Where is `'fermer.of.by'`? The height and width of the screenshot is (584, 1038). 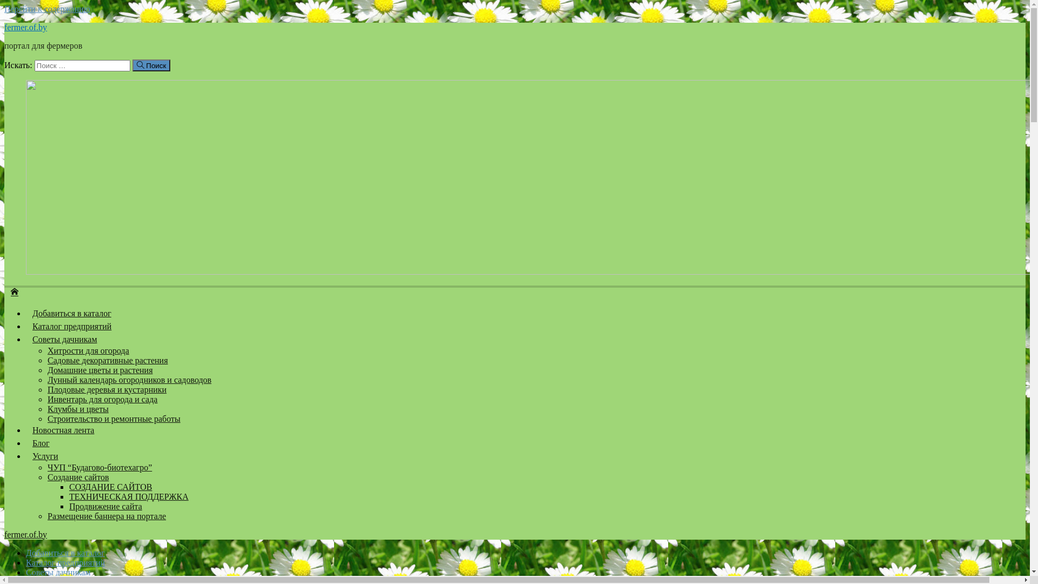 'fermer.of.by' is located at coordinates (25, 26).